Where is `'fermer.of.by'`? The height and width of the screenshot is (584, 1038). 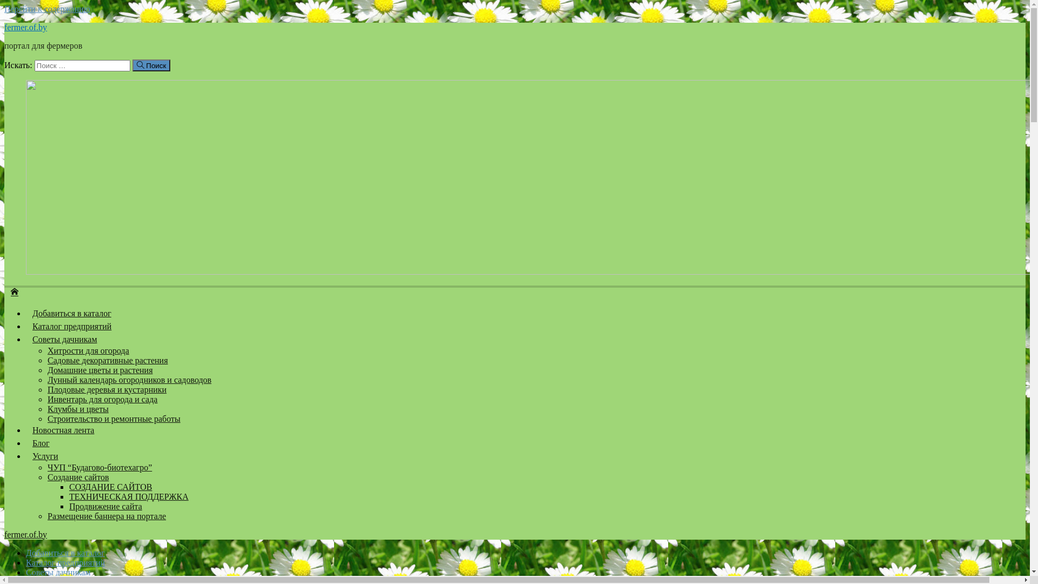 'fermer.of.by' is located at coordinates (25, 26).